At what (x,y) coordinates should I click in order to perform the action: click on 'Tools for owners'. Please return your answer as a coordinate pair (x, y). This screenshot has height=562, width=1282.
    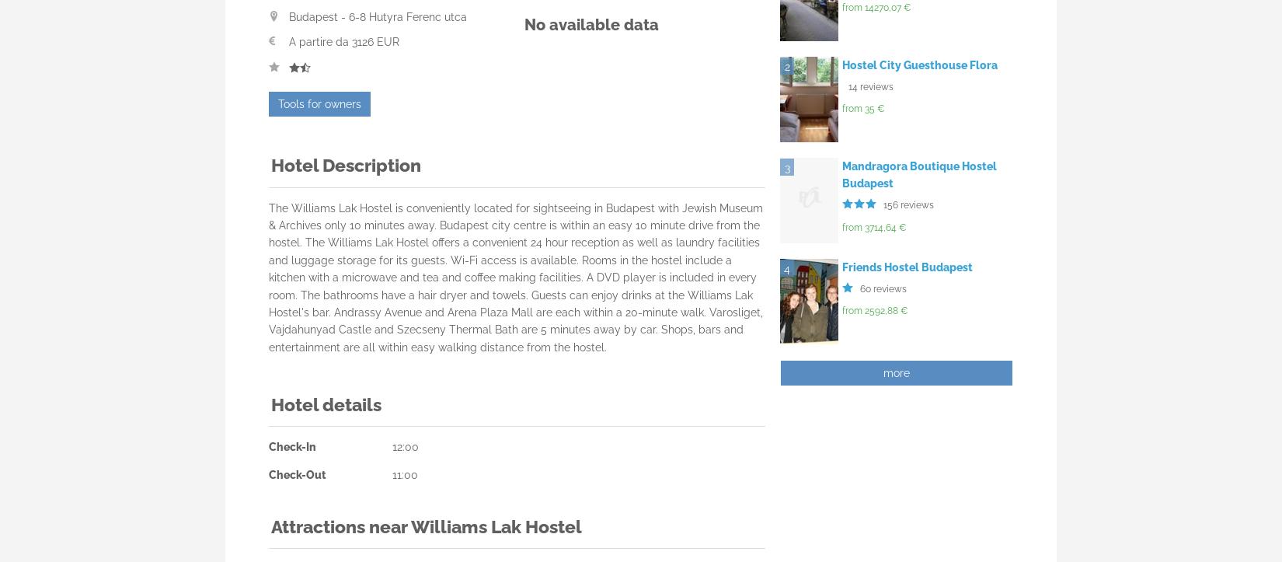
    Looking at the image, I should click on (319, 103).